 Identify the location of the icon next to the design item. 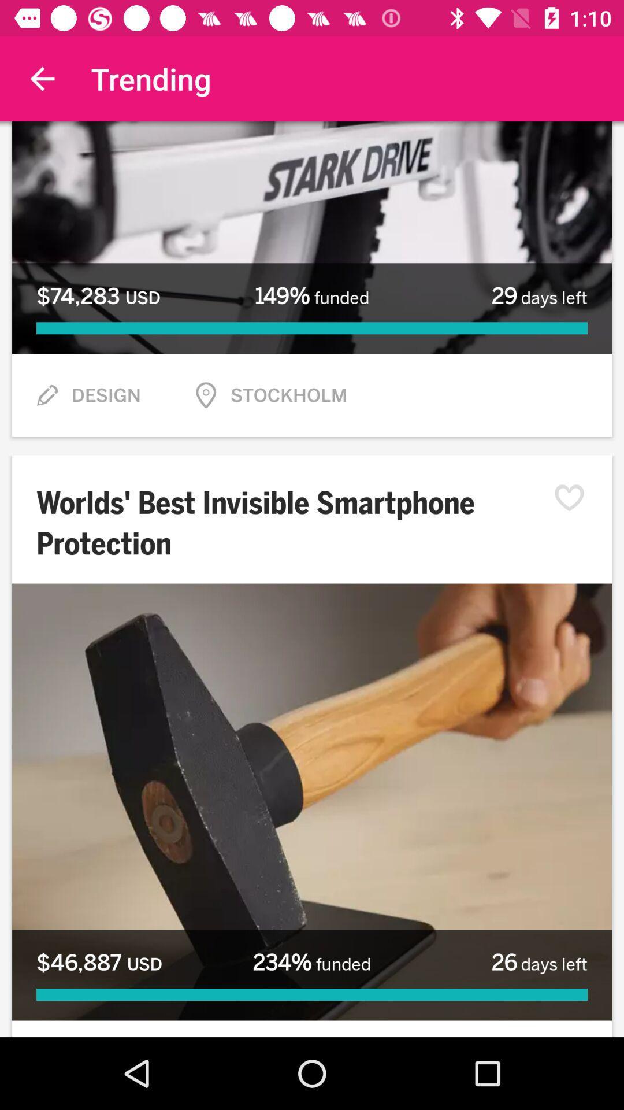
(46, 395).